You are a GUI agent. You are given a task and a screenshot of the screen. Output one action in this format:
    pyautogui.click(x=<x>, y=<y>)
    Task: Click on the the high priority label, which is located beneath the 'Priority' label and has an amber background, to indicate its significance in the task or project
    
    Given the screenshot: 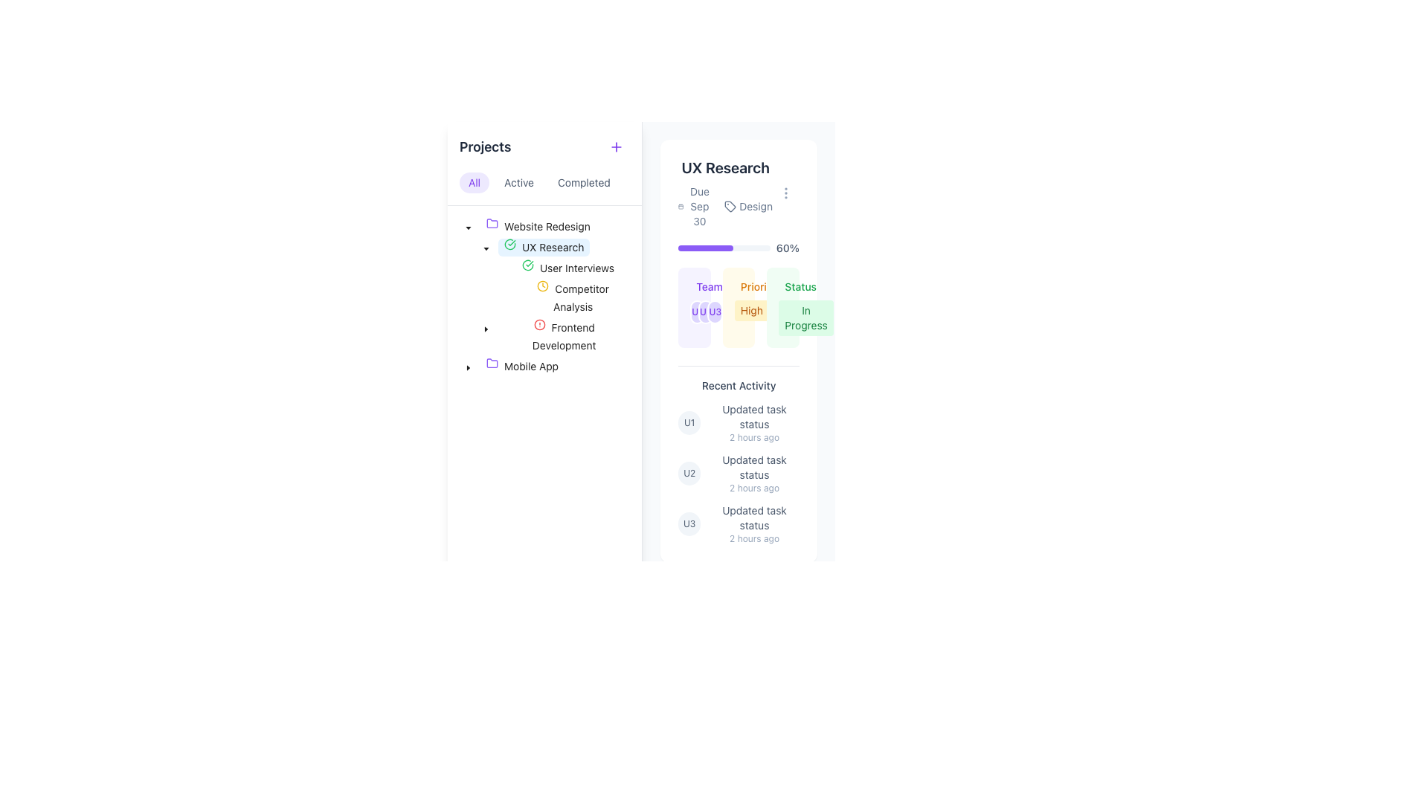 What is the action you would take?
    pyautogui.click(x=751, y=309)
    